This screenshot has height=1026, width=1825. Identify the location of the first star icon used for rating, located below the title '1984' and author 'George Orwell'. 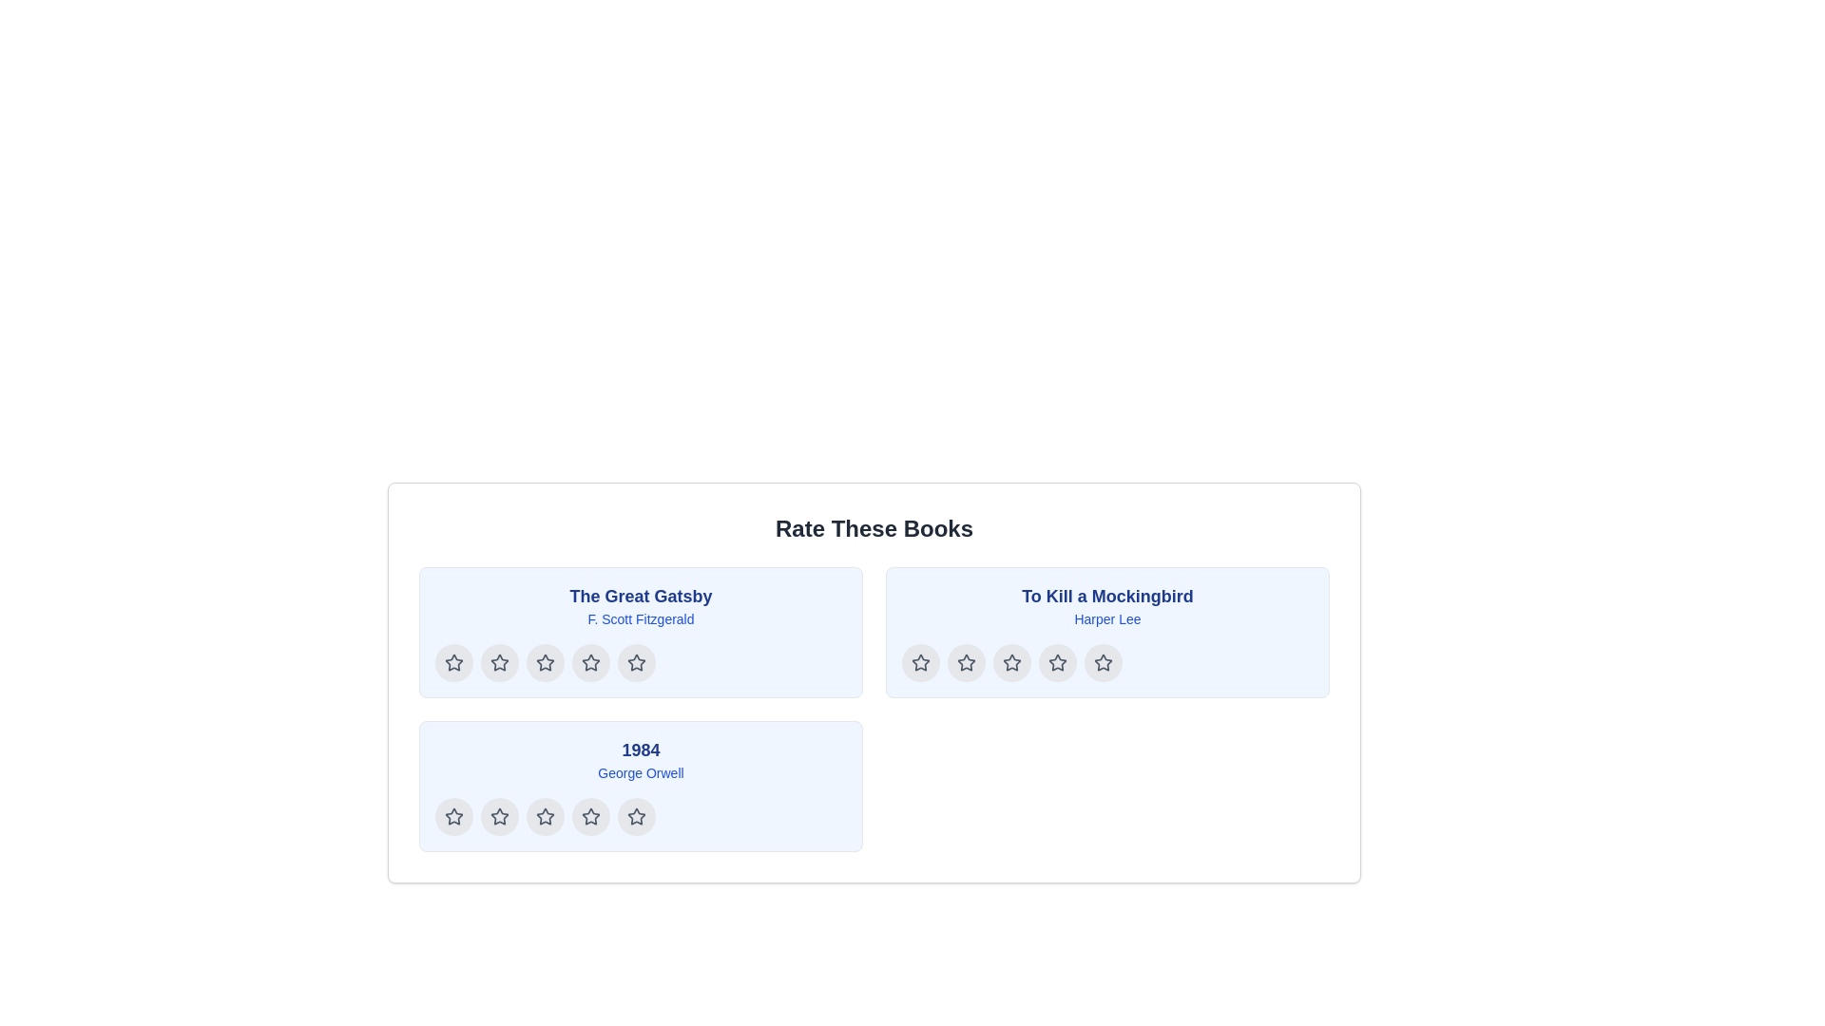
(500, 816).